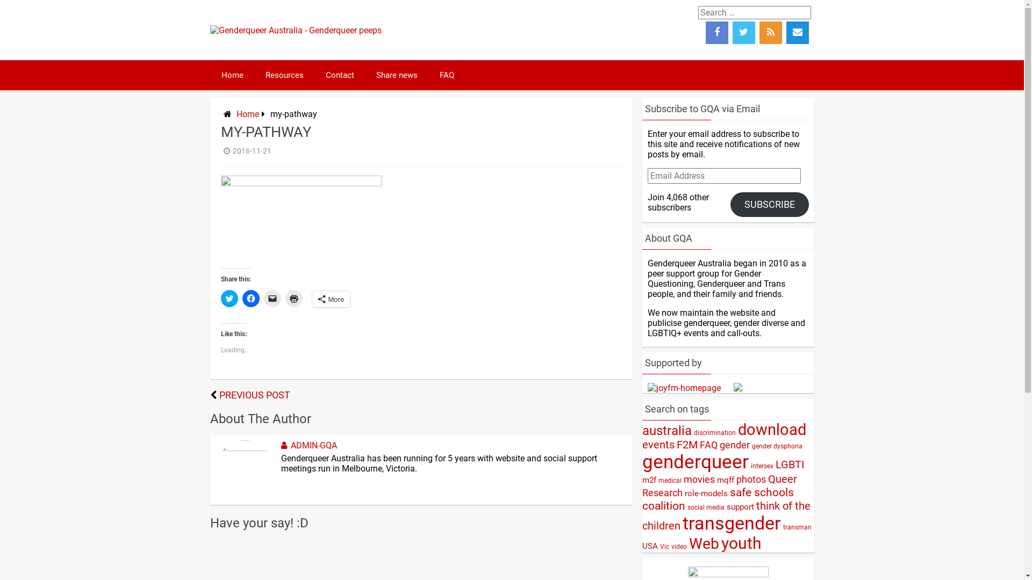 Image resolution: width=1032 pixels, height=580 pixels. What do you see at coordinates (396, 74) in the screenshot?
I see `'Share news'` at bounding box center [396, 74].